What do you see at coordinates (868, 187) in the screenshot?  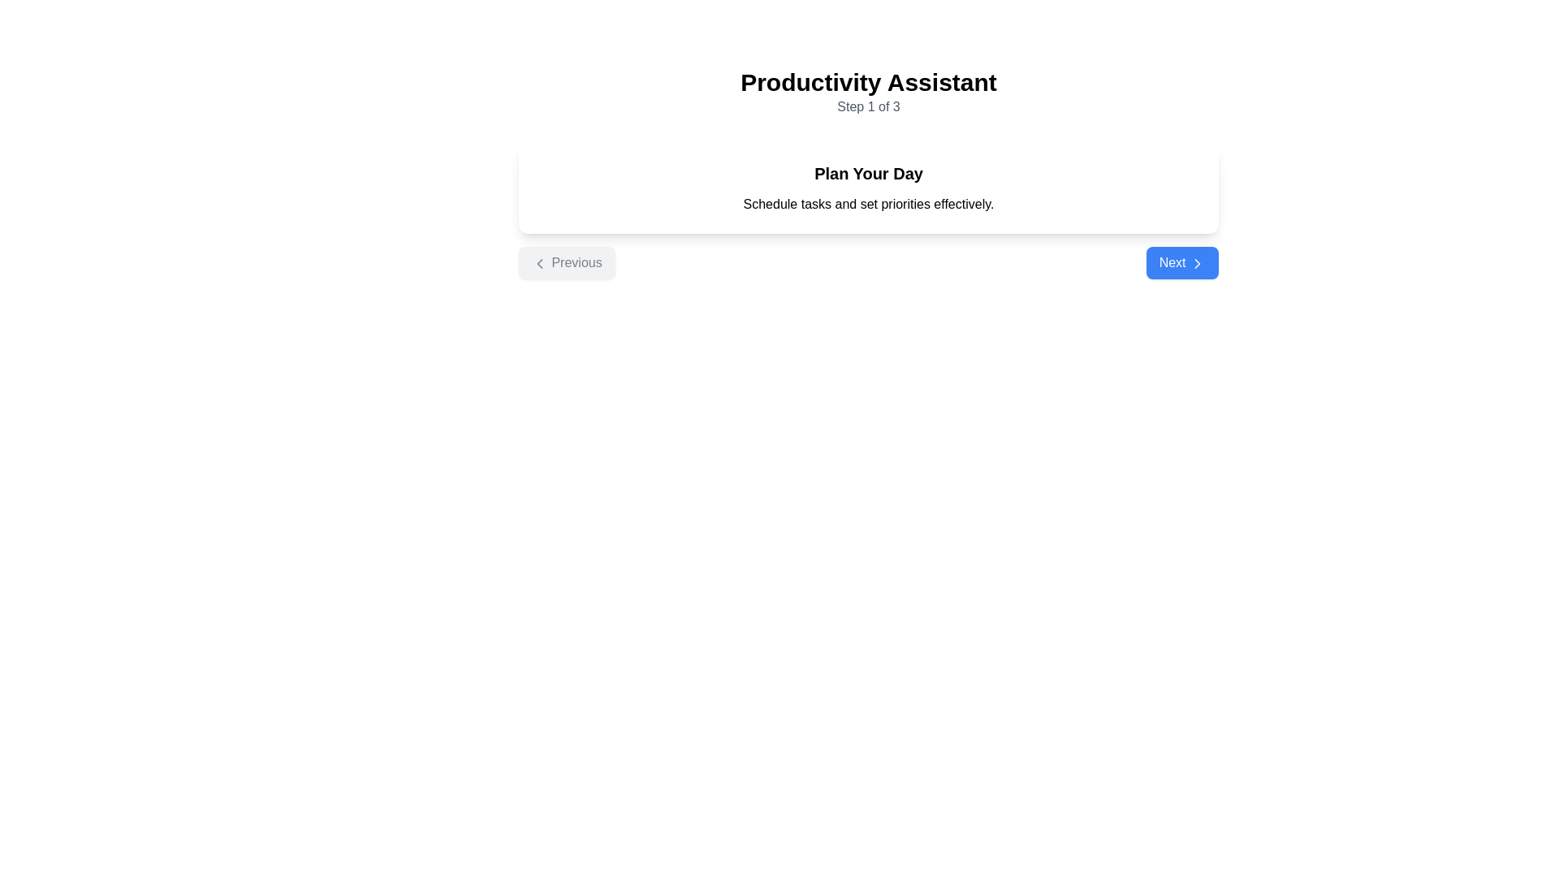 I see `the Information widget located below the title 'Step 1 of 3', which serves as an informative component in the interface` at bounding box center [868, 187].